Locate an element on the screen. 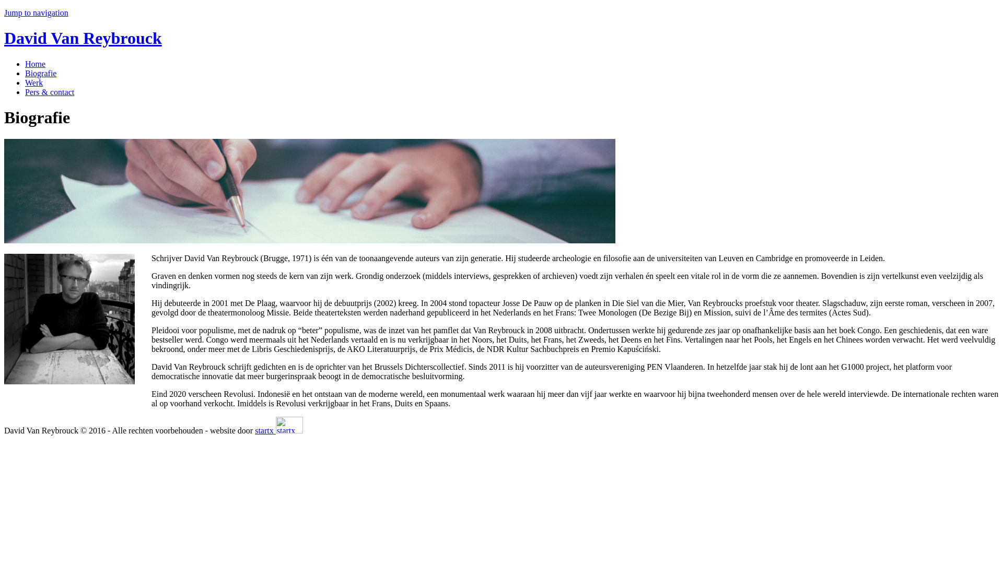  'Pers & contact' is located at coordinates (49, 91).